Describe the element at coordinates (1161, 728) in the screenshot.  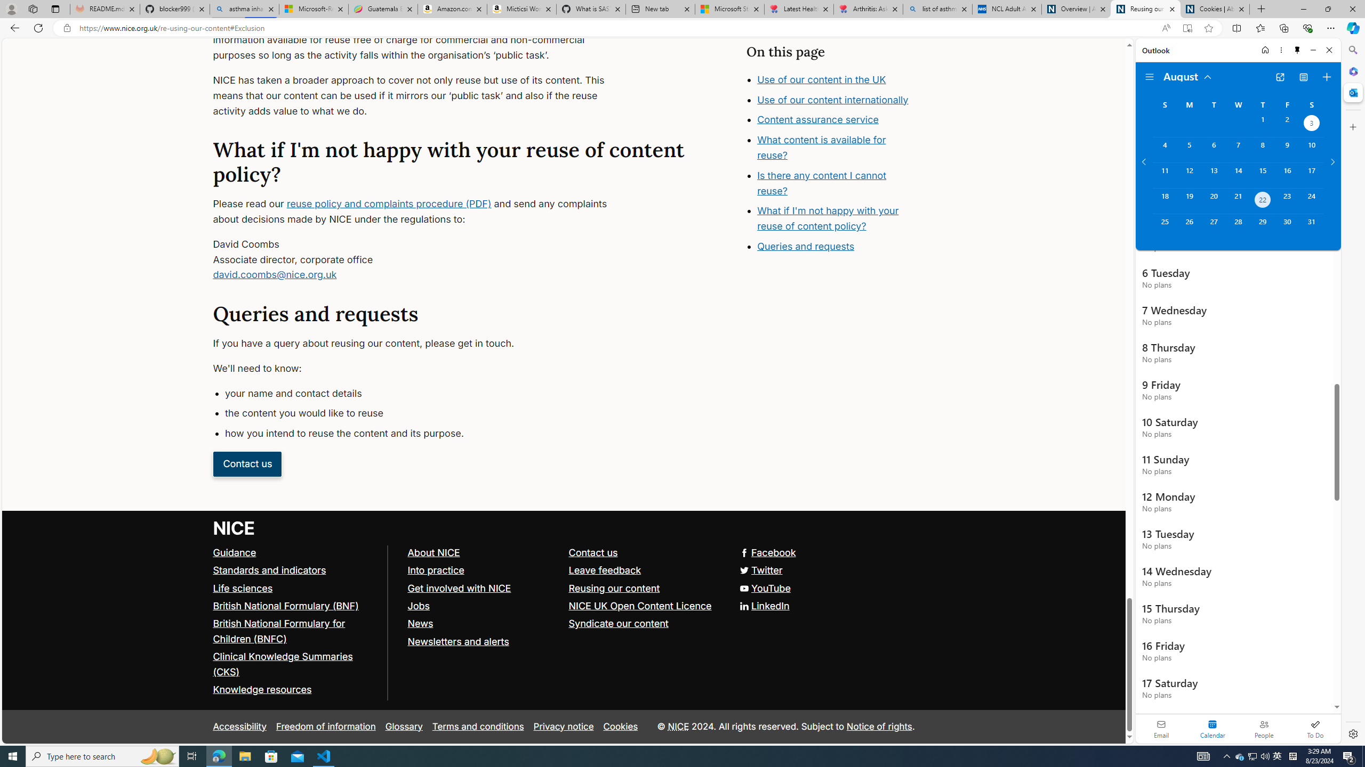
I see `'Email'` at that location.